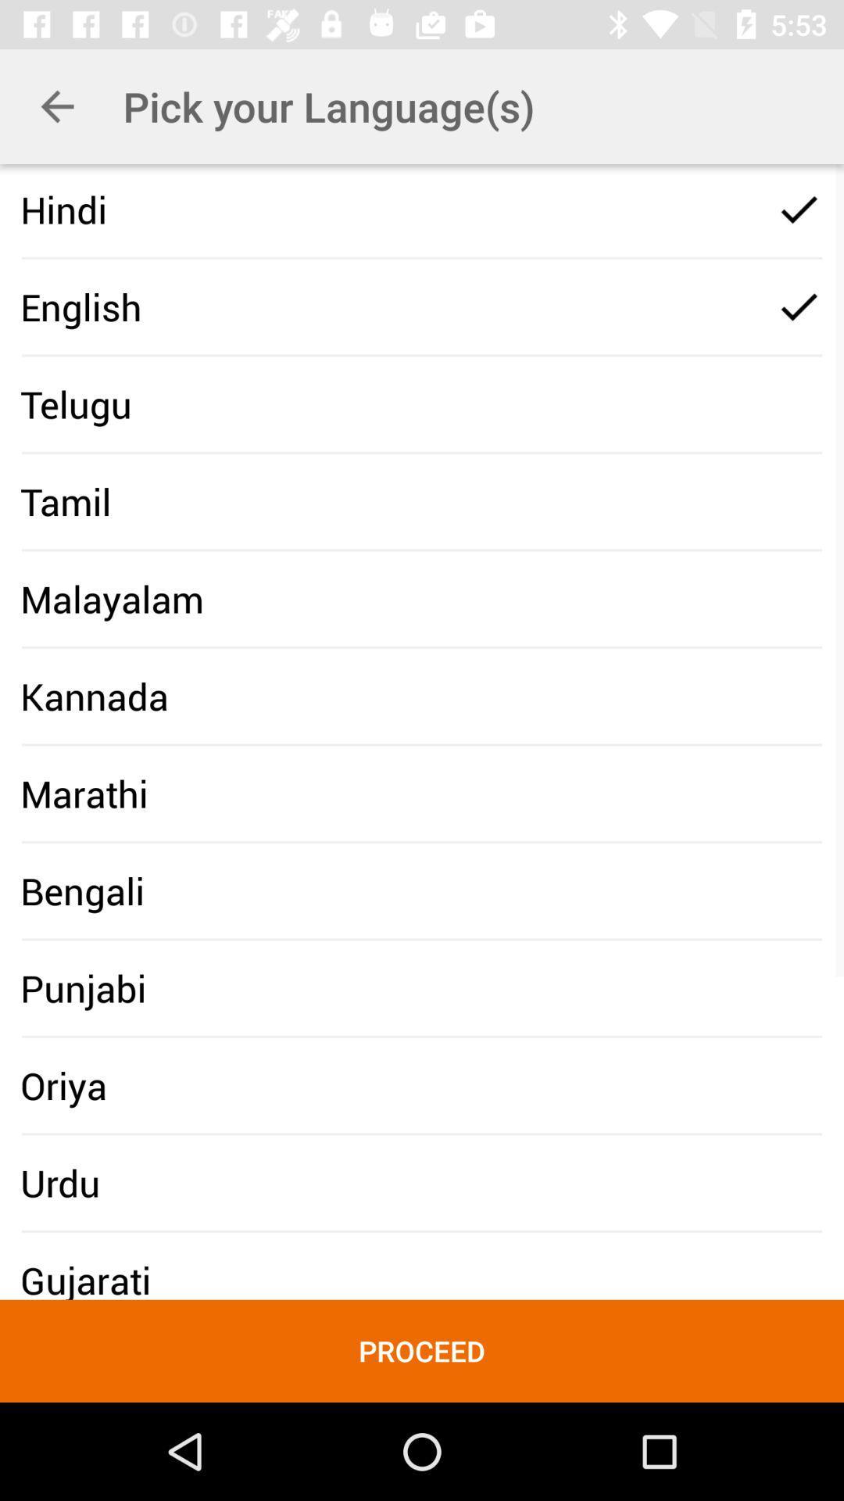 The image size is (844, 1501). I want to click on the gujarati item, so click(85, 1280).